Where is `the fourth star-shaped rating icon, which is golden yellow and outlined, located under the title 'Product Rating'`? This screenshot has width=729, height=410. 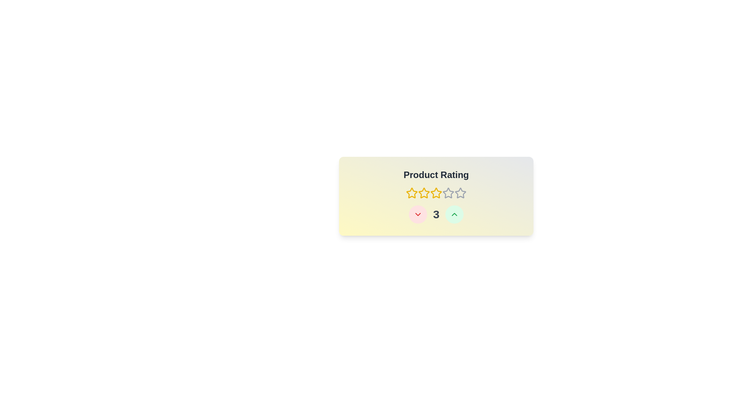
the fourth star-shaped rating icon, which is golden yellow and outlined, located under the title 'Product Rating' is located at coordinates (436, 193).